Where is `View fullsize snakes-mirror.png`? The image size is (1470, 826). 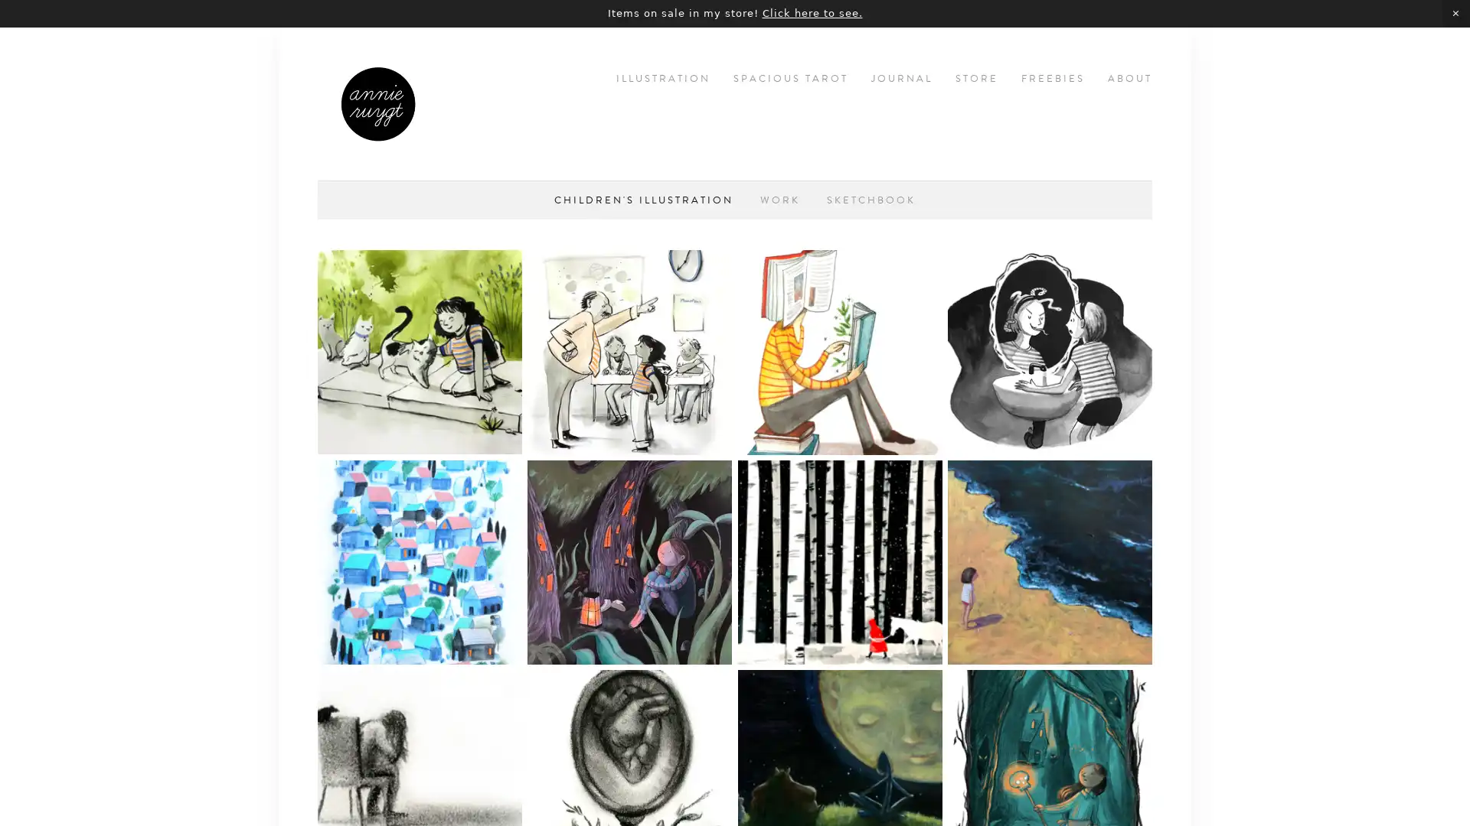 View fullsize snakes-mirror.png is located at coordinates (1049, 352).